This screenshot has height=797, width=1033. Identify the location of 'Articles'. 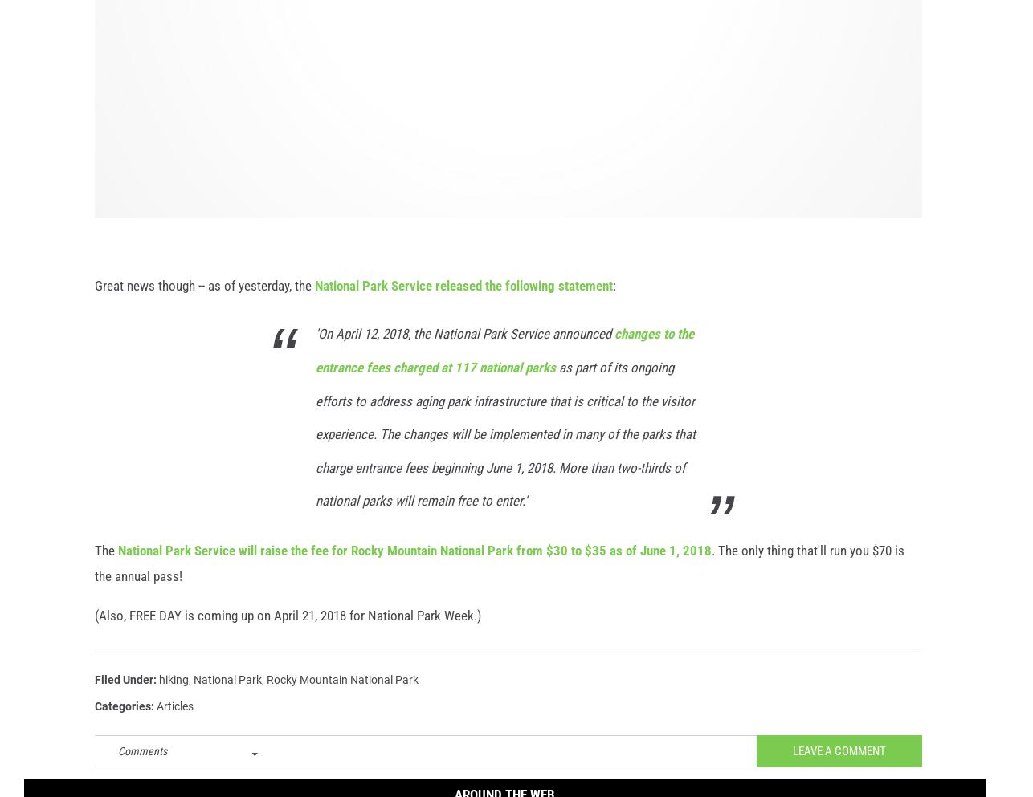
(156, 724).